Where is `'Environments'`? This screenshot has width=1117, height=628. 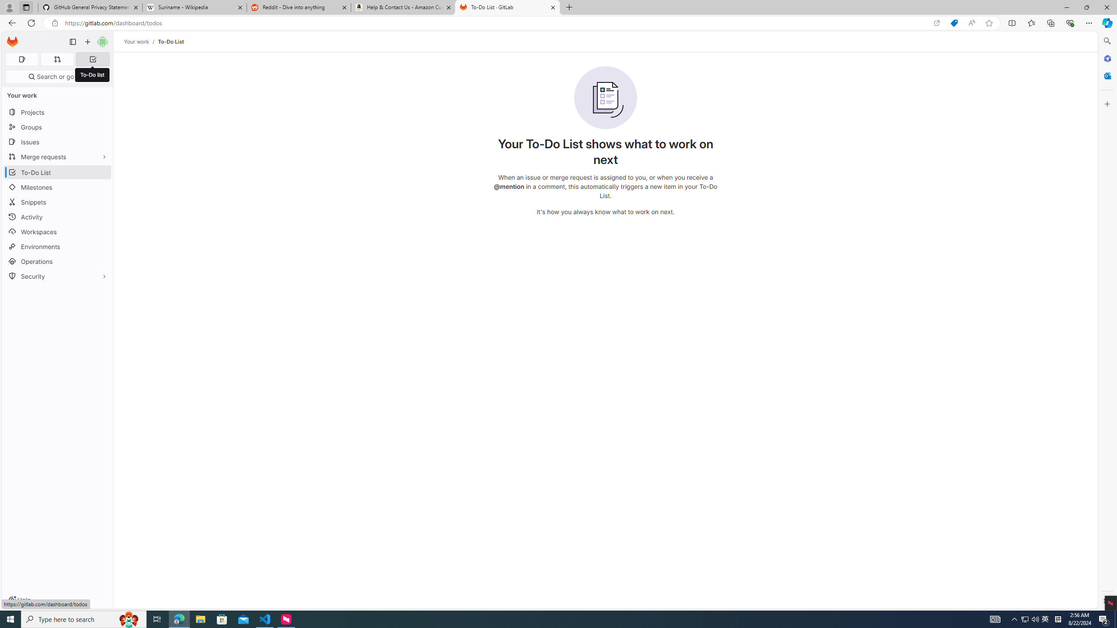
'Environments' is located at coordinates (57, 246).